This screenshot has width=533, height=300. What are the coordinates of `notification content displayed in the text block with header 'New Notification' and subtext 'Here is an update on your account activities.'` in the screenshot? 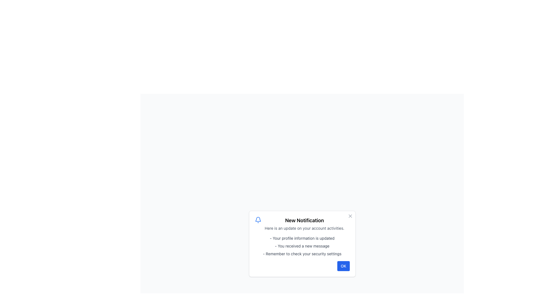 It's located at (304, 224).